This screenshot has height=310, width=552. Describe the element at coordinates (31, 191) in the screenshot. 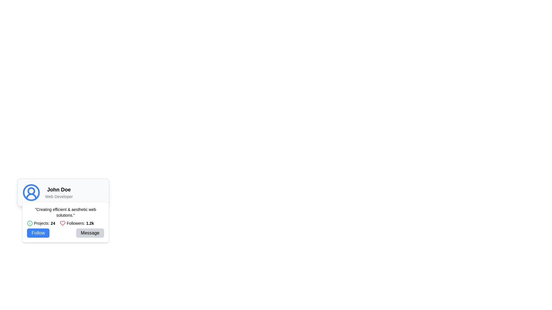

I see `the smaller circle graphic element at the center of the user avatar SVG structure, which serves as a decorative component` at that location.